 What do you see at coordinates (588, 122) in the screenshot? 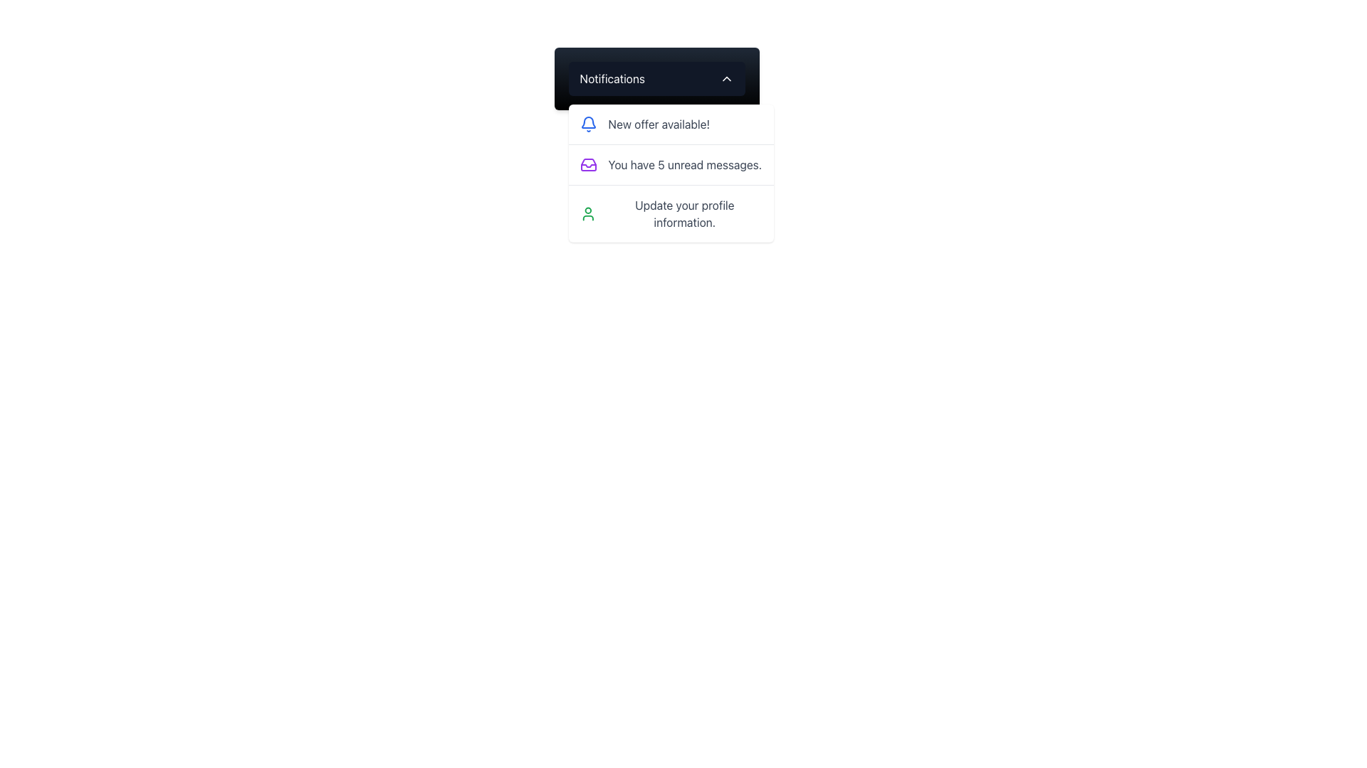
I see `the top part of the bell-shaped icon representing notifications or alerts, located in the top-right corner of the page` at bounding box center [588, 122].